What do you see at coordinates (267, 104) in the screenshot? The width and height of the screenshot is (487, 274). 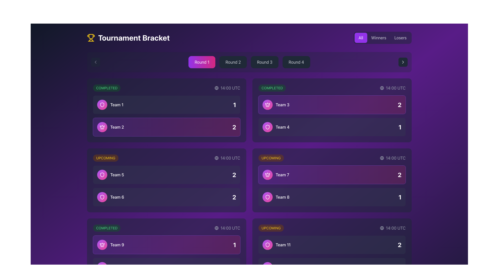 I see `the crown icon located in the top-left corner of the team representation component, which signifies a team with special designation, as a visual indicator of achievement` at bounding box center [267, 104].